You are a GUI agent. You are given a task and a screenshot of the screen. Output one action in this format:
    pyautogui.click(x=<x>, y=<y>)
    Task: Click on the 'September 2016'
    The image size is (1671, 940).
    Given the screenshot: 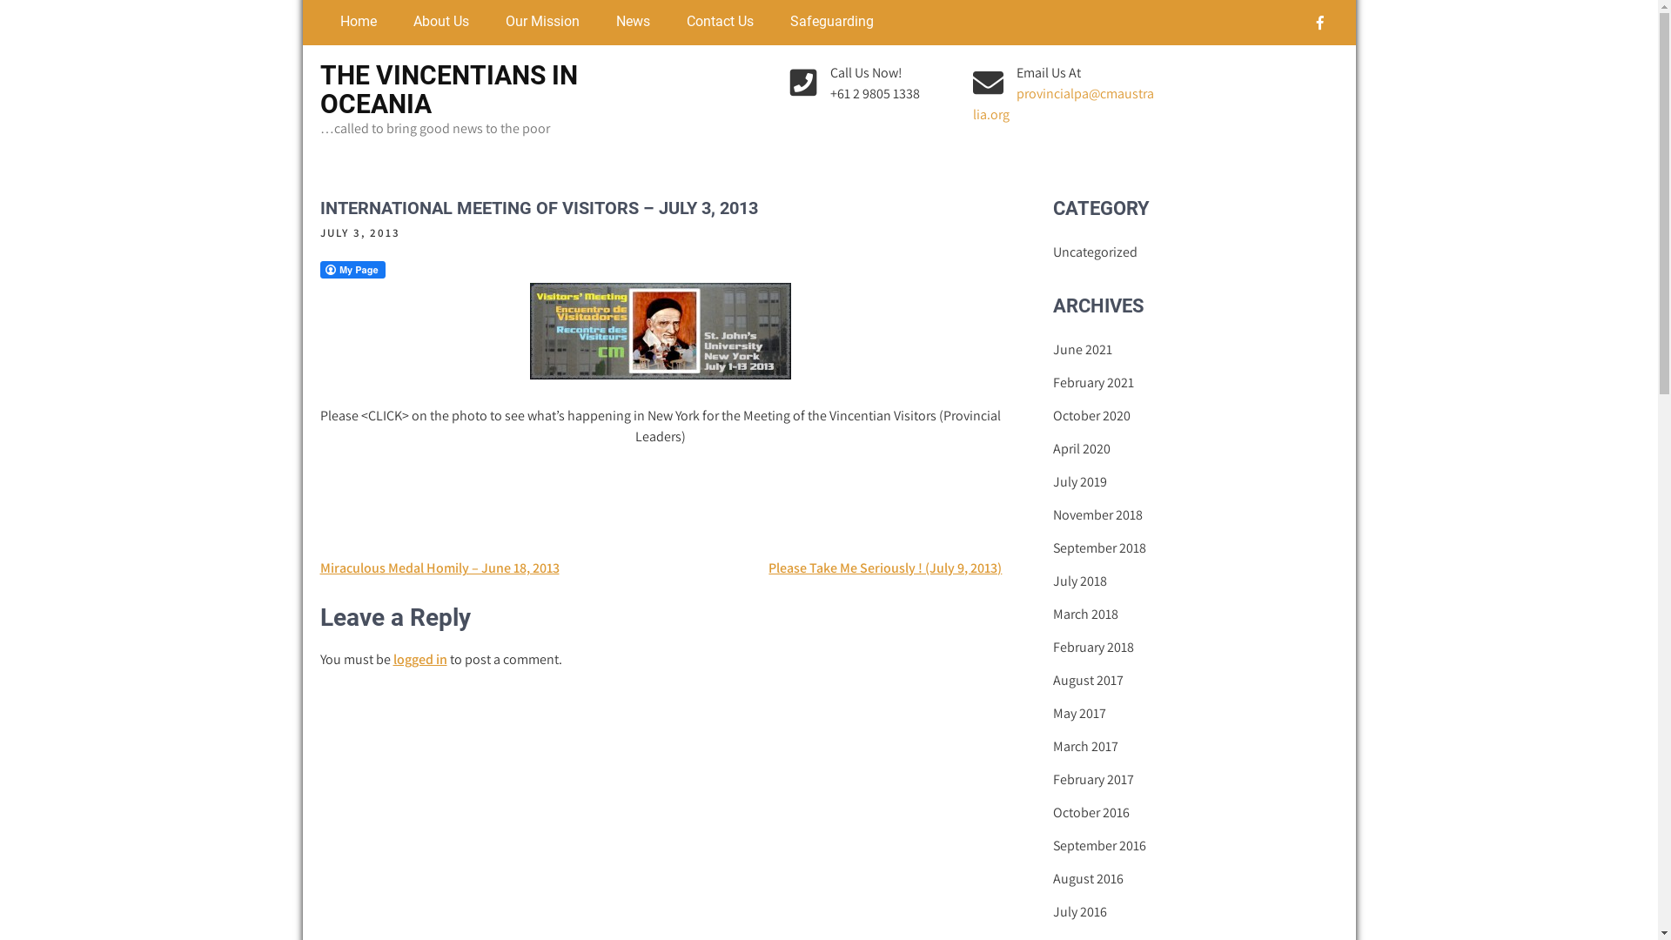 What is the action you would take?
    pyautogui.click(x=1051, y=845)
    